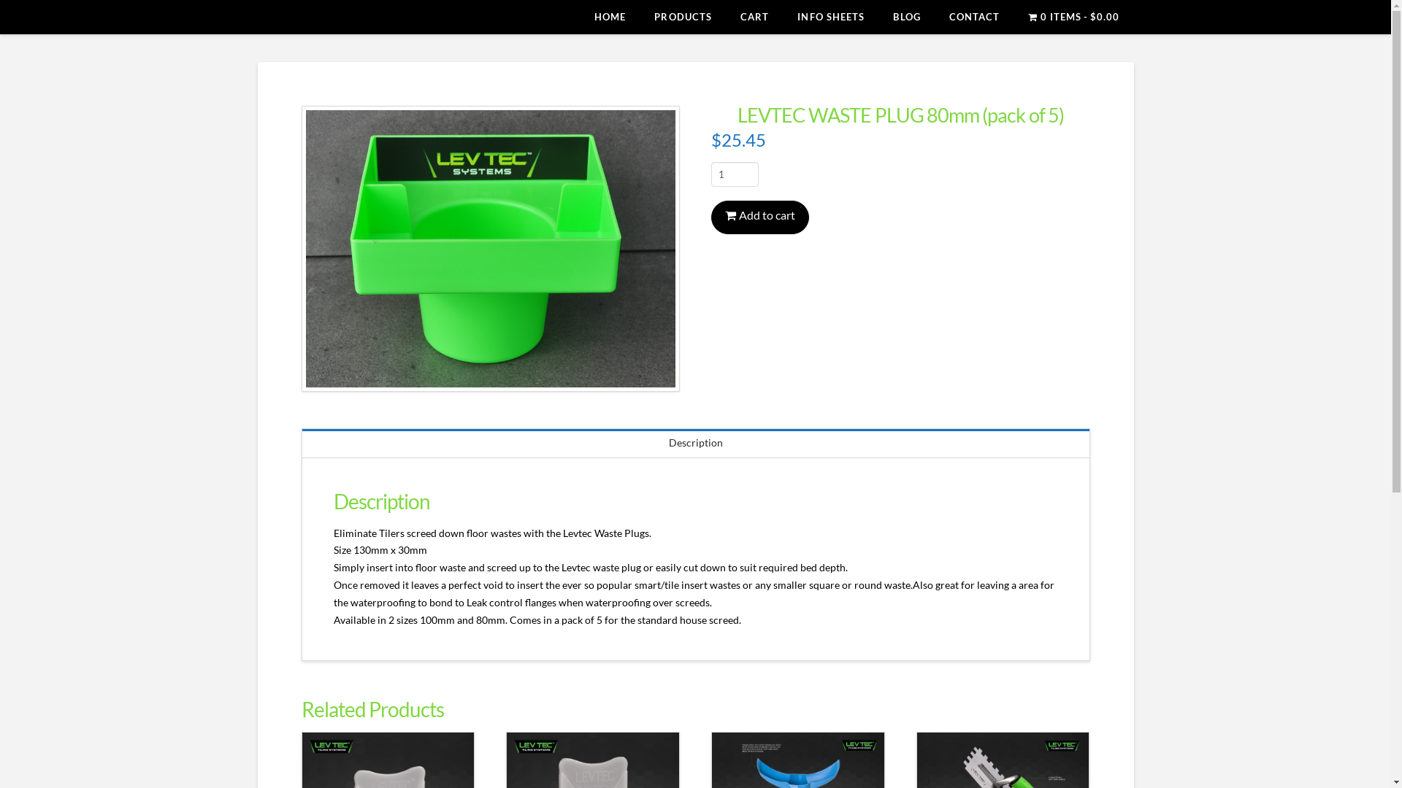 Image resolution: width=1402 pixels, height=788 pixels. Describe the element at coordinates (905, 16) in the screenshot. I see `'BLOG'` at that location.